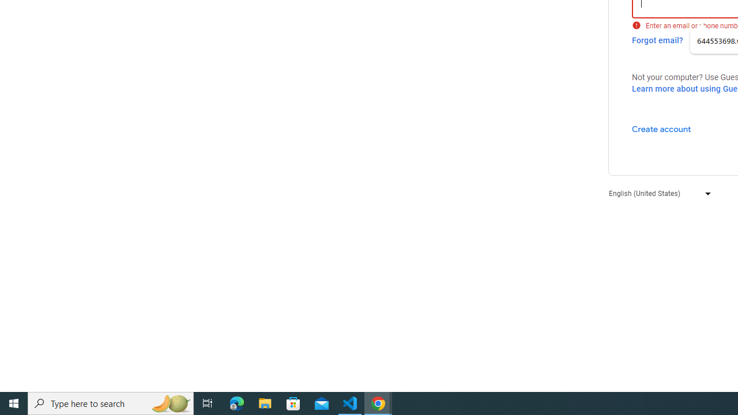 This screenshot has width=738, height=415. Describe the element at coordinates (661, 129) in the screenshot. I see `'Create account'` at that location.